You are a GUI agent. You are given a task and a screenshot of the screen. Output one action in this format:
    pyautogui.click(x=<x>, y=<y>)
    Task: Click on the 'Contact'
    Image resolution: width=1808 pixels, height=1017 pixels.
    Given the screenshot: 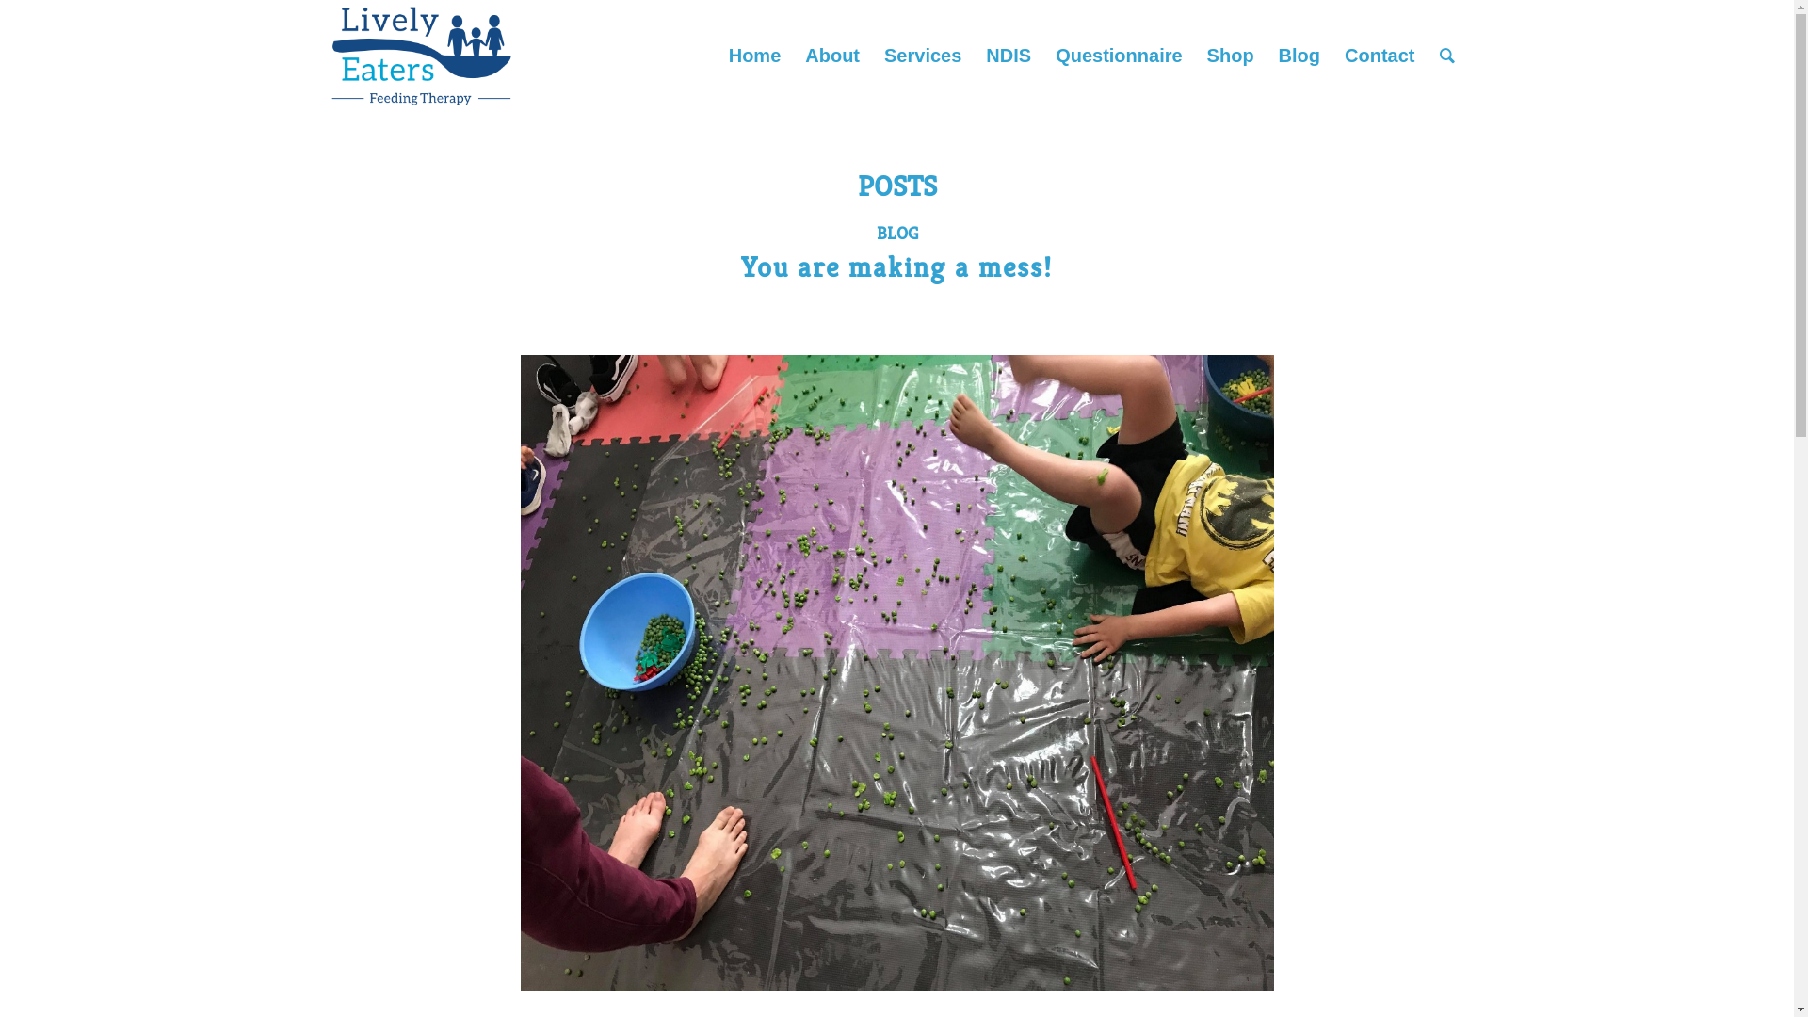 What is the action you would take?
    pyautogui.click(x=1379, y=54)
    